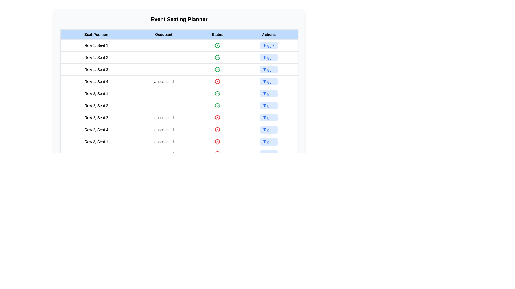  I want to click on the Text Label indicating that the seat is unoccupied, located in the third row under the 'Occupant' column, between 'Row 3, Seat 1' and a blank cell, so click(163, 141).